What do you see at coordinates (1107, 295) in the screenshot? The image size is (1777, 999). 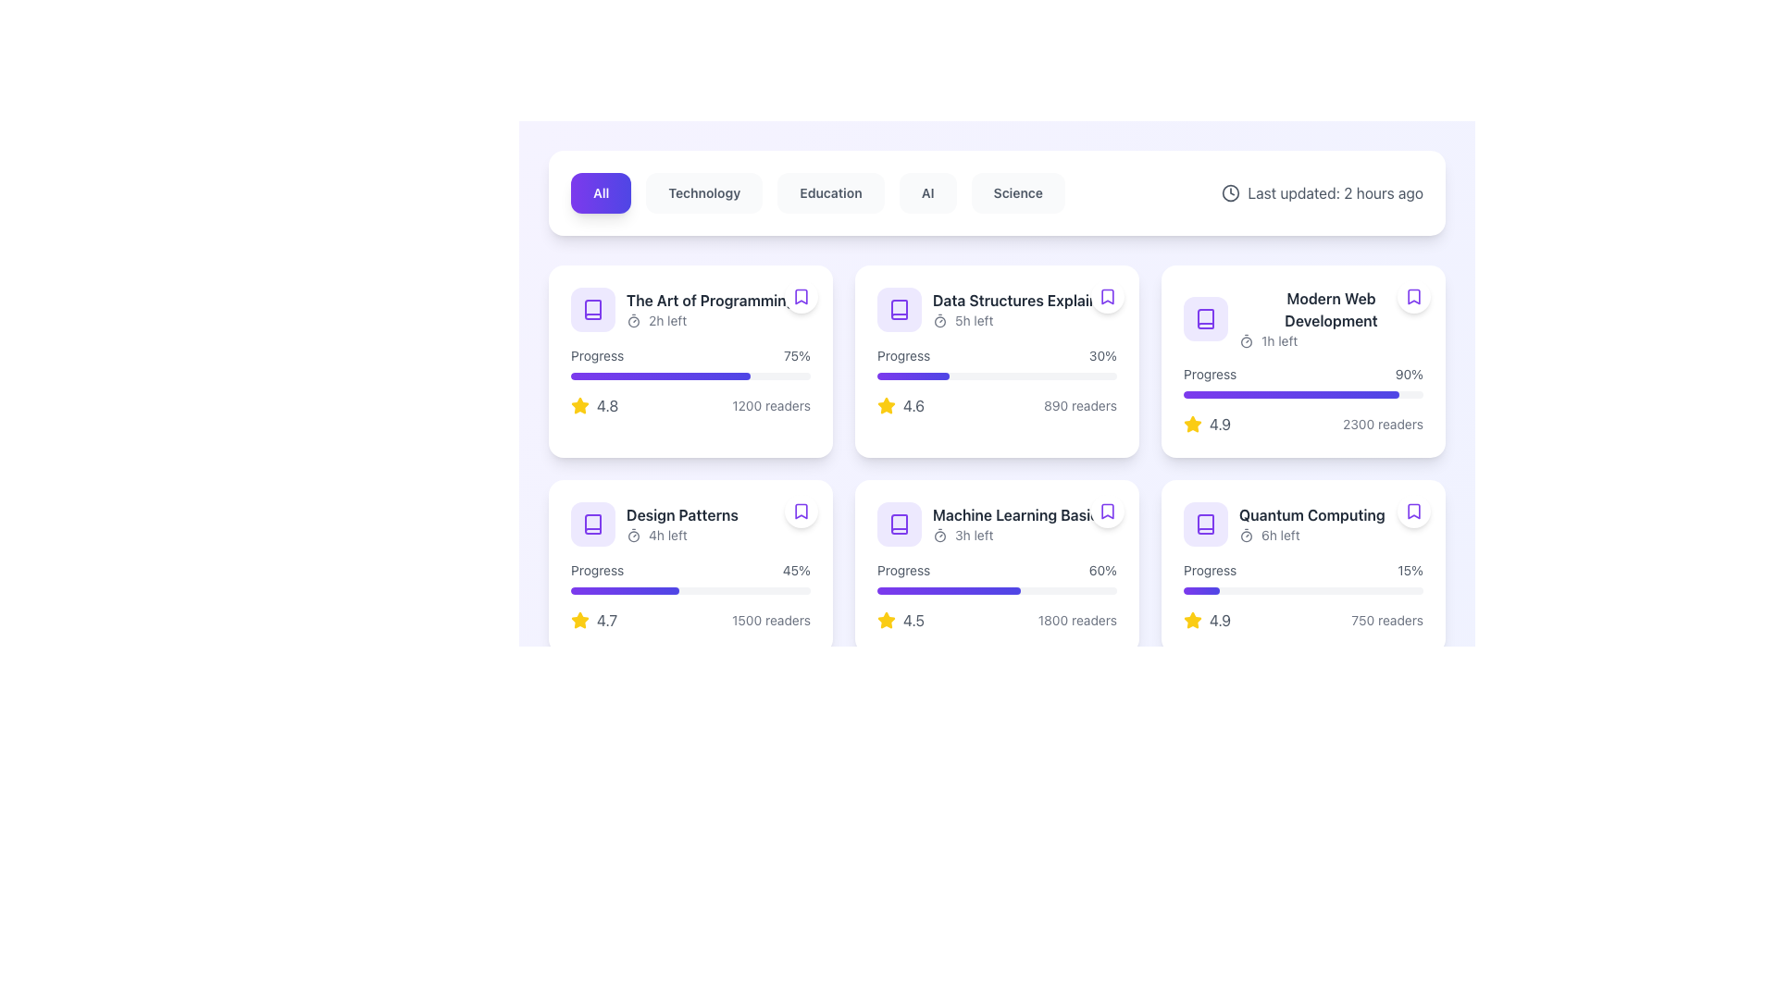 I see `the violet bookmark icon located within the white circular button on the top right corner of the 'Data Structures Explained' card` at bounding box center [1107, 295].